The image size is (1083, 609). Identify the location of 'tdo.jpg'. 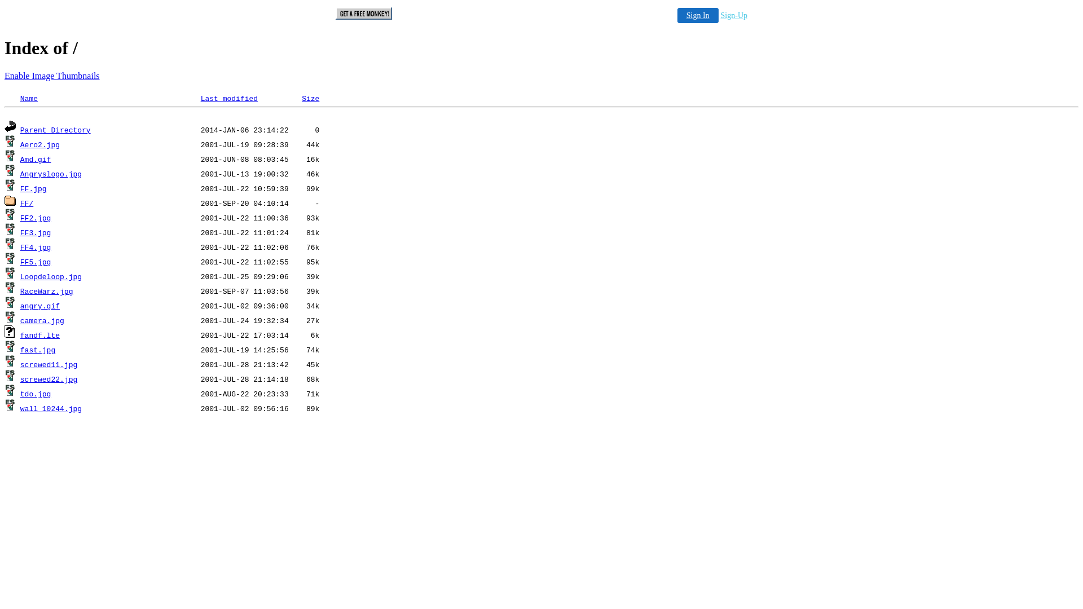
(20, 394).